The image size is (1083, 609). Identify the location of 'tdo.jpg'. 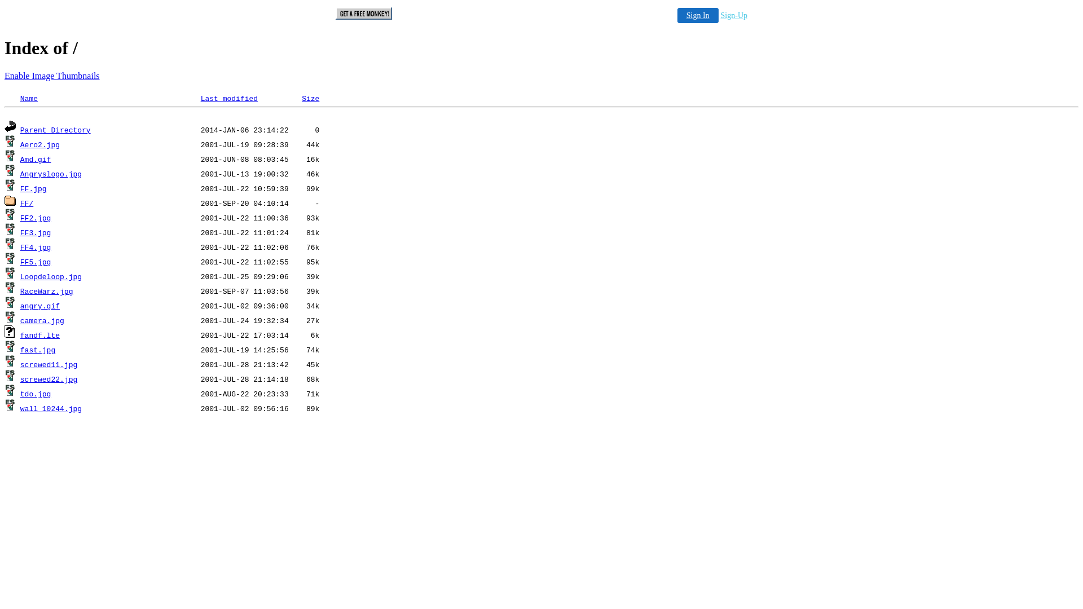
(20, 394).